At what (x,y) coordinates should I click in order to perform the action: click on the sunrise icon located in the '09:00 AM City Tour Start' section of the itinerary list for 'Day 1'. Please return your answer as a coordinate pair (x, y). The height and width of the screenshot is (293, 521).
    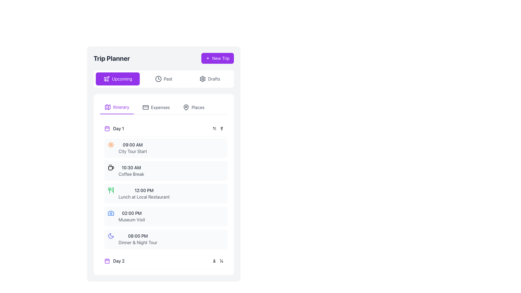
    Looking at the image, I should click on (110, 144).